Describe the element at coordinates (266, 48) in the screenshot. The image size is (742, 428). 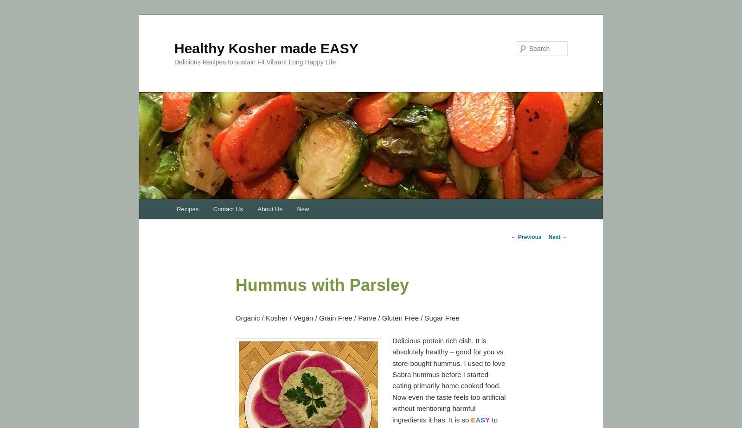
I see `'Healthy Kosher made EASY'` at that location.